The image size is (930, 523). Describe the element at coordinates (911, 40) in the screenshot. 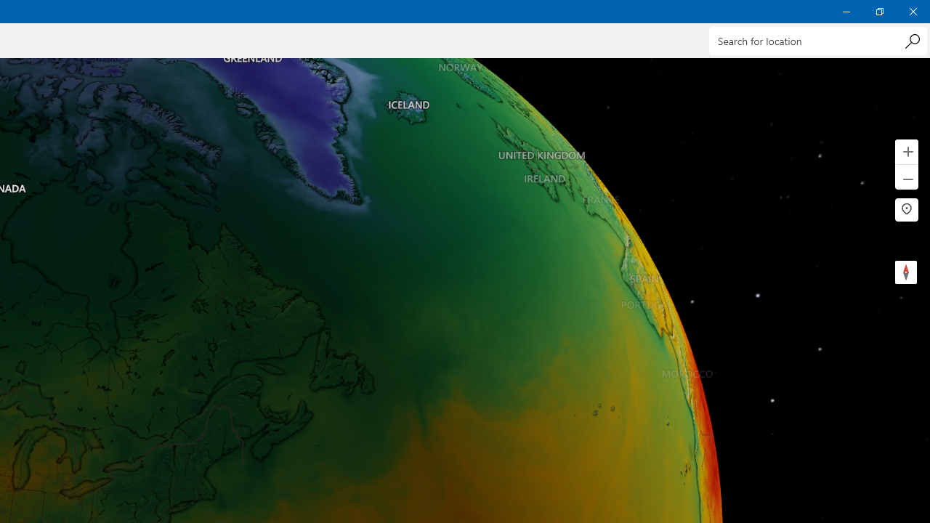

I see `'Search'` at that location.